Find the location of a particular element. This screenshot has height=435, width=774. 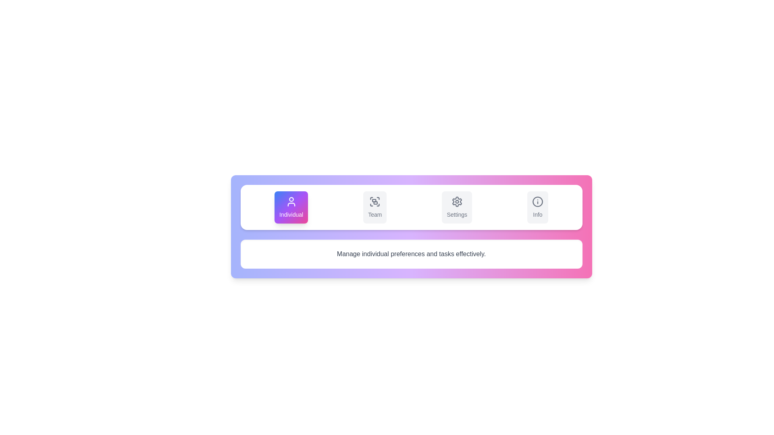

the rightmost button in the horizontal menu, which triggers navigation to the information or help section of the application is located at coordinates (538, 207).